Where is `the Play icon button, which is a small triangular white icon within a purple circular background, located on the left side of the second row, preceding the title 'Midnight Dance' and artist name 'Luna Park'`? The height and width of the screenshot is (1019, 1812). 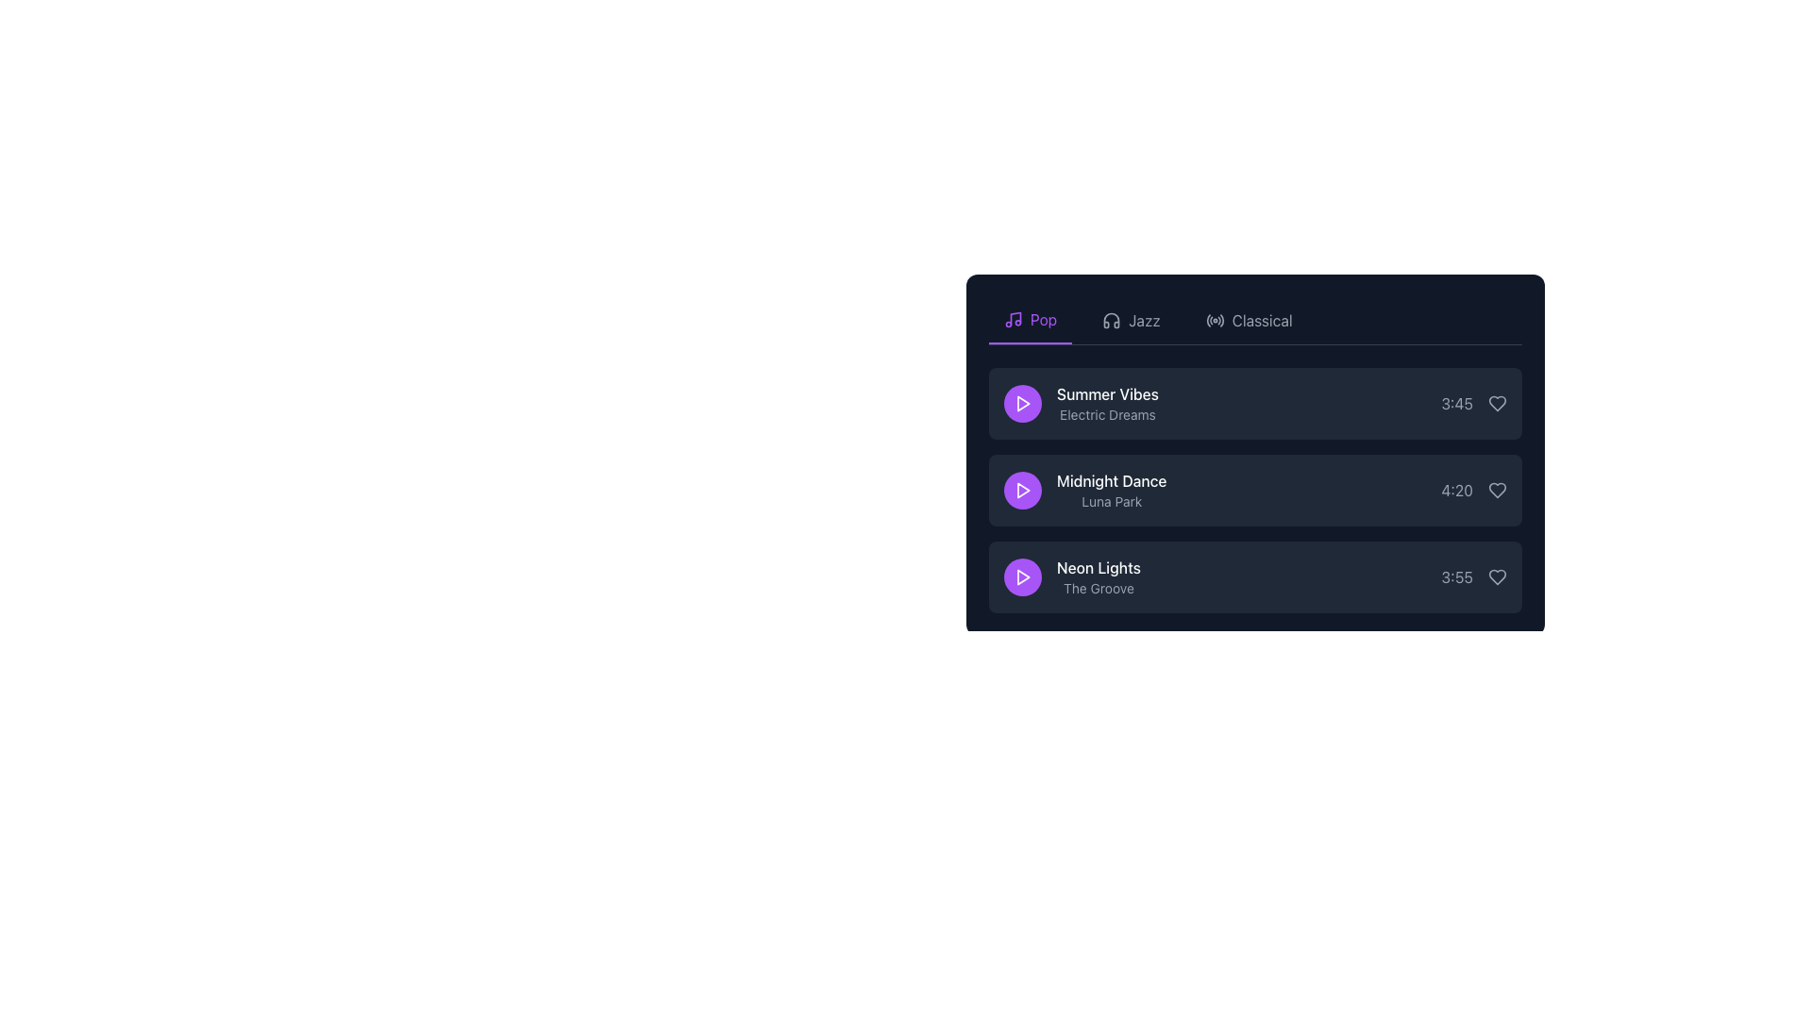 the Play icon button, which is a small triangular white icon within a purple circular background, located on the left side of the second row, preceding the title 'Midnight Dance' and artist name 'Luna Park' is located at coordinates (1022, 490).